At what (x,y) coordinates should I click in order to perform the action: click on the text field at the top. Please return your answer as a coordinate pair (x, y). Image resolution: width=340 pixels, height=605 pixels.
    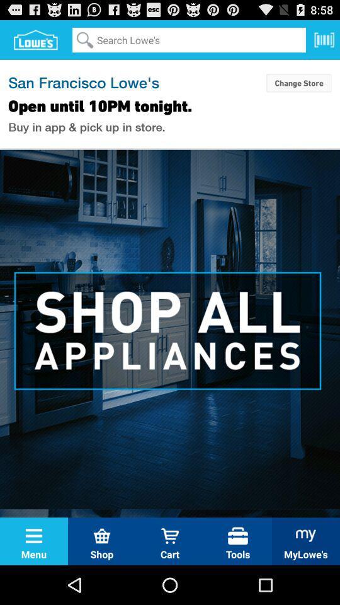
    Looking at the image, I should click on (188, 40).